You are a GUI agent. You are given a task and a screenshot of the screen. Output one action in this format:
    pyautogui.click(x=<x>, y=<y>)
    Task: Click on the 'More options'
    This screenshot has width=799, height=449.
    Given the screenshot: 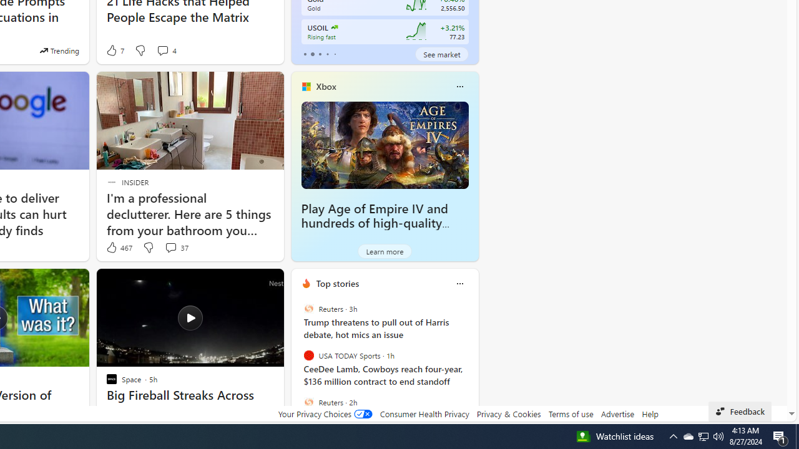 What is the action you would take?
    pyautogui.click(x=459, y=283)
    